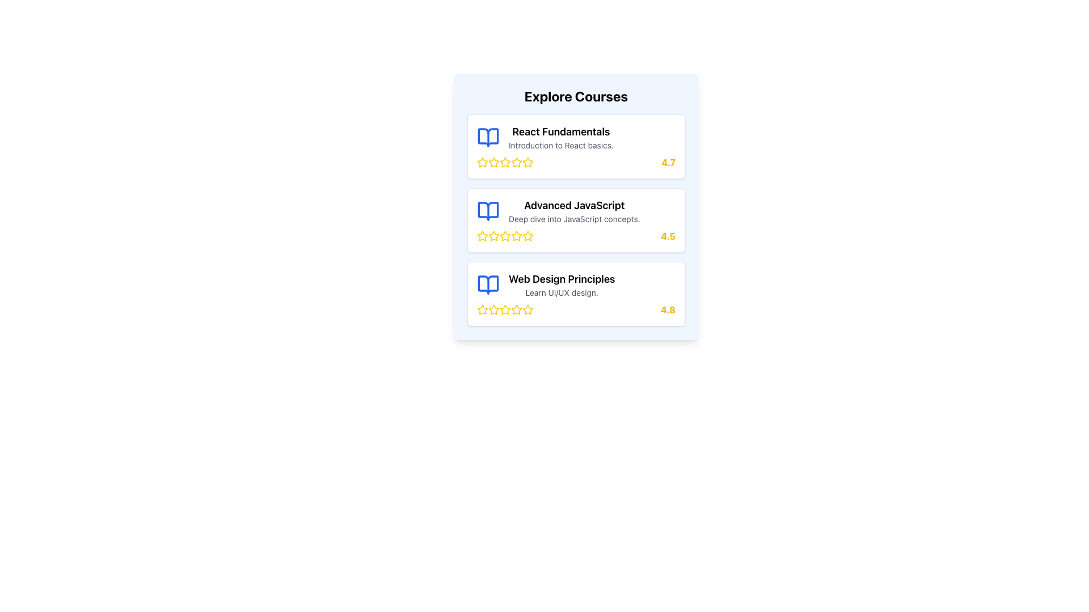  Describe the element at coordinates (505, 235) in the screenshot. I see `the fifth star icon in the 'Advanced JavaScript' course card, which represents the highest rating level` at that location.